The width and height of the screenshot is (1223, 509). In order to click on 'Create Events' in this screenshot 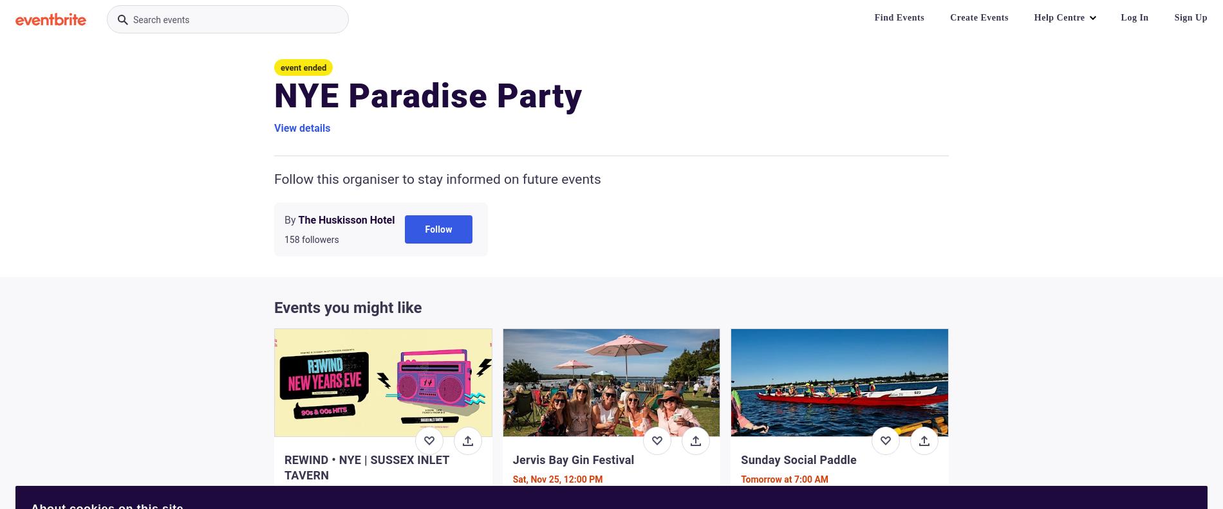, I will do `click(949, 17)`.